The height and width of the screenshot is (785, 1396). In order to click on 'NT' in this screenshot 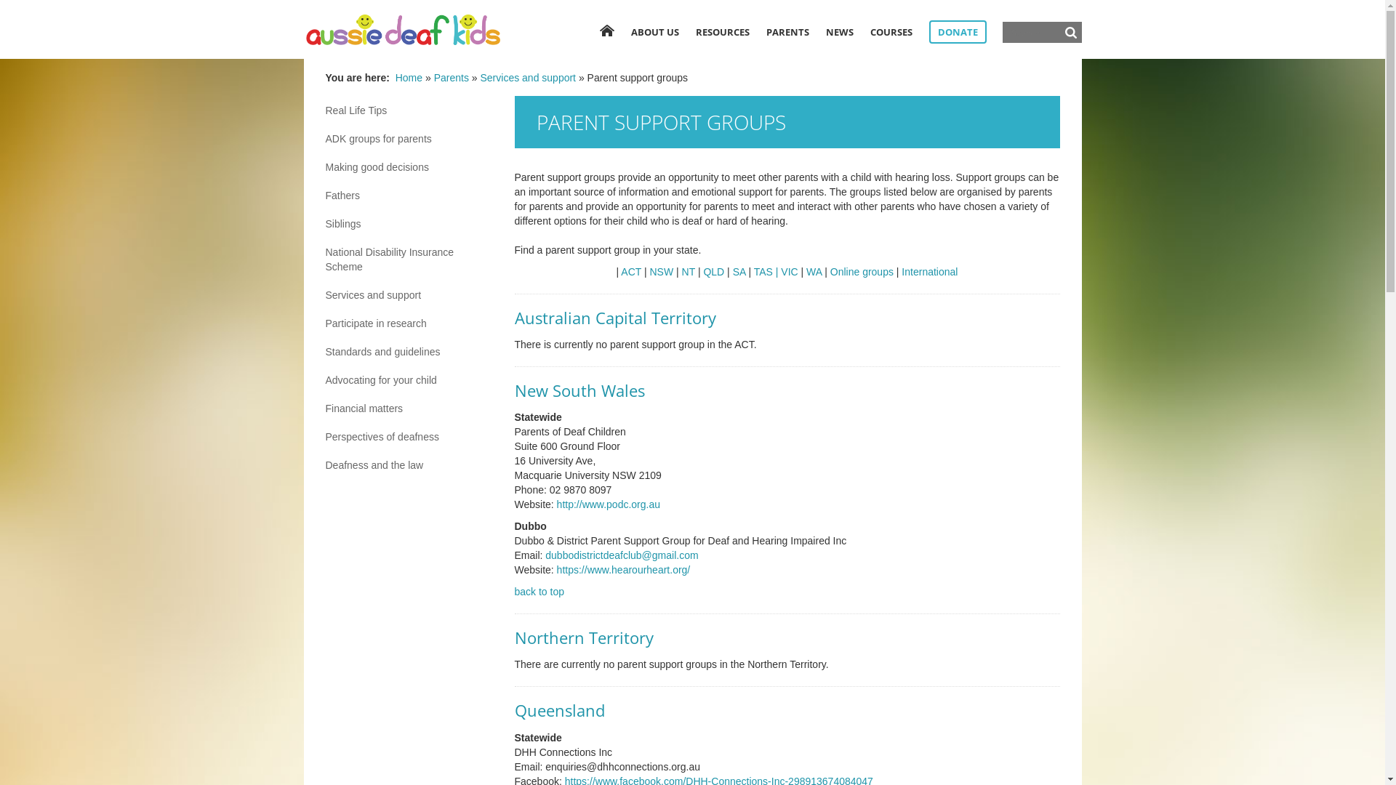, I will do `click(687, 272)`.